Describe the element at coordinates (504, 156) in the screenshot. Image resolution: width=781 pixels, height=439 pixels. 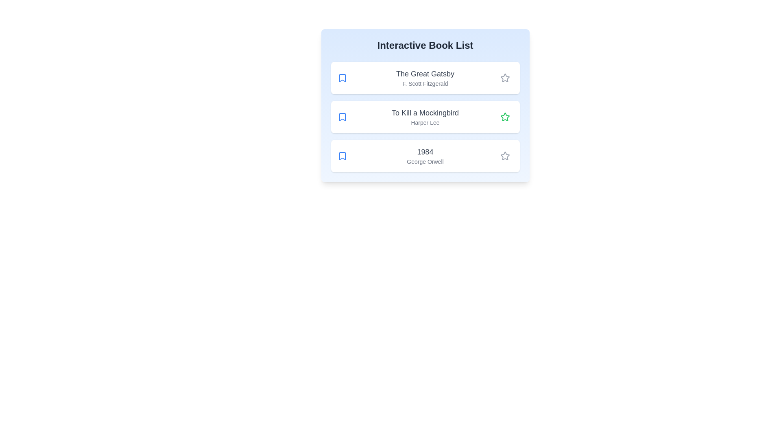
I see `the star icon next to the book titled '1984' to toggle its read status` at that location.